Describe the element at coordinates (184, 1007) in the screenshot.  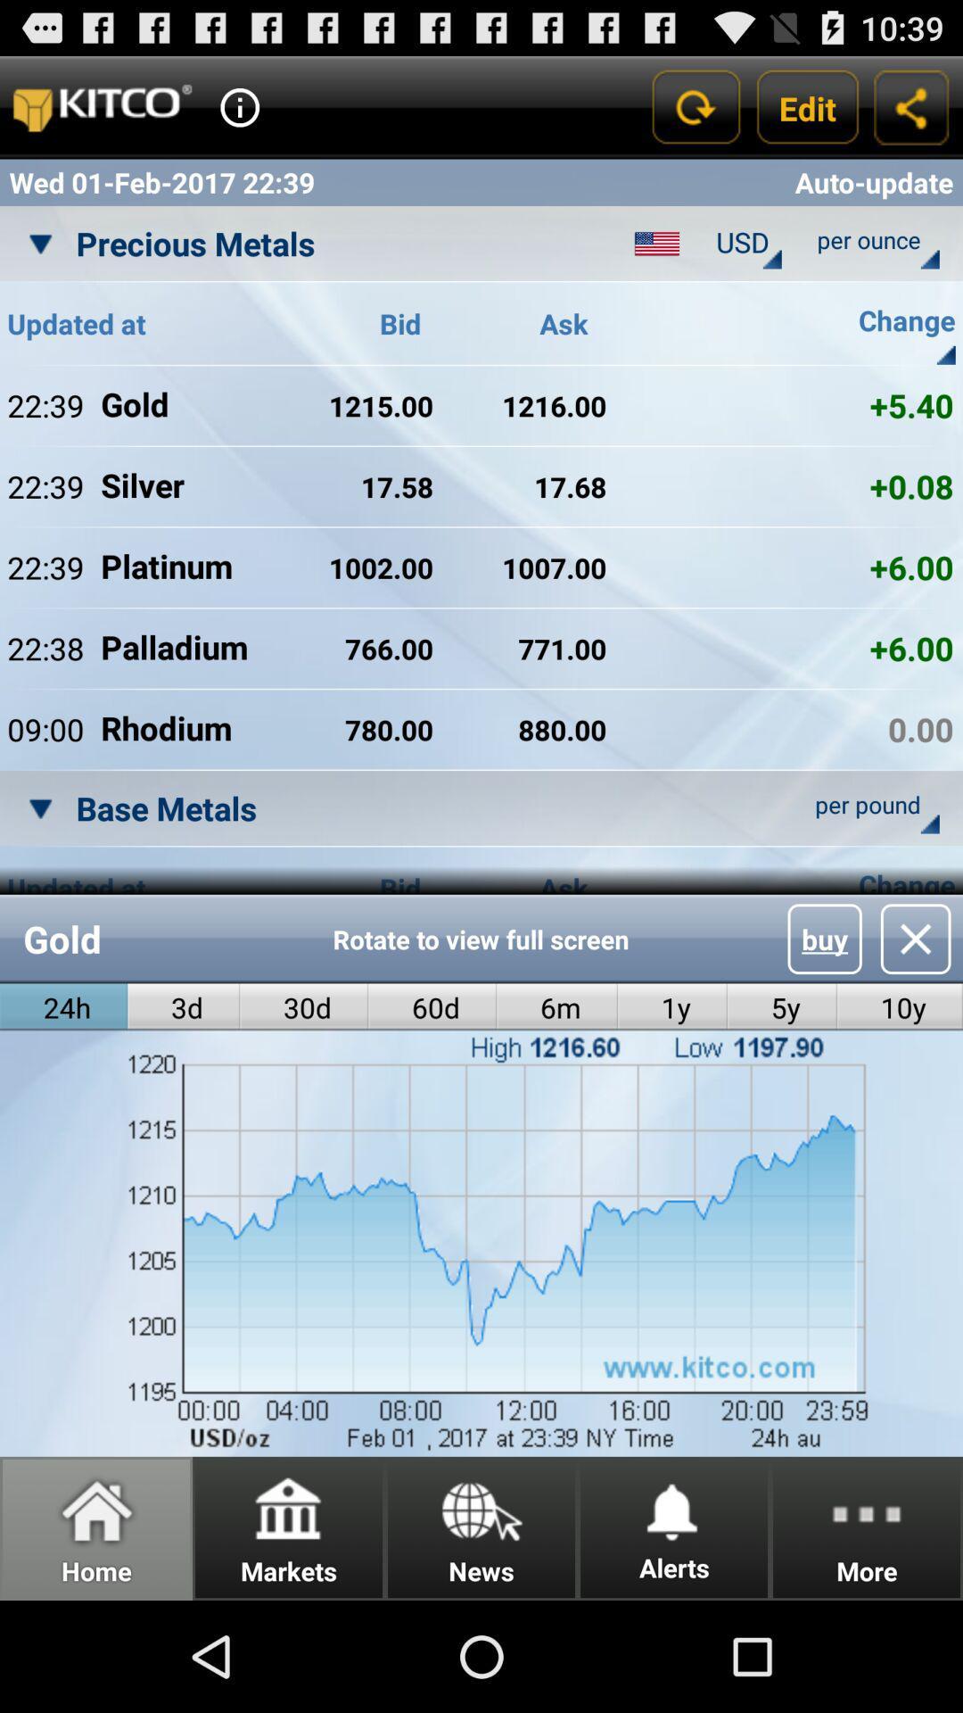
I see `app below the gold` at that location.